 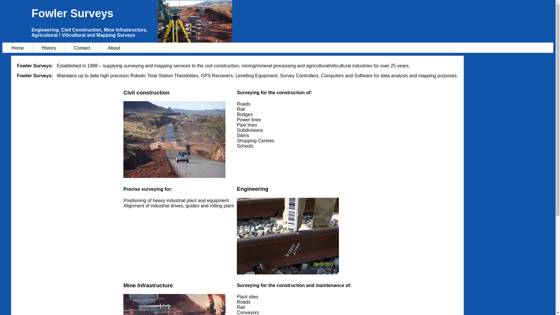 What do you see at coordinates (123, 139) in the screenshot?
I see `'civil construction'` at bounding box center [123, 139].